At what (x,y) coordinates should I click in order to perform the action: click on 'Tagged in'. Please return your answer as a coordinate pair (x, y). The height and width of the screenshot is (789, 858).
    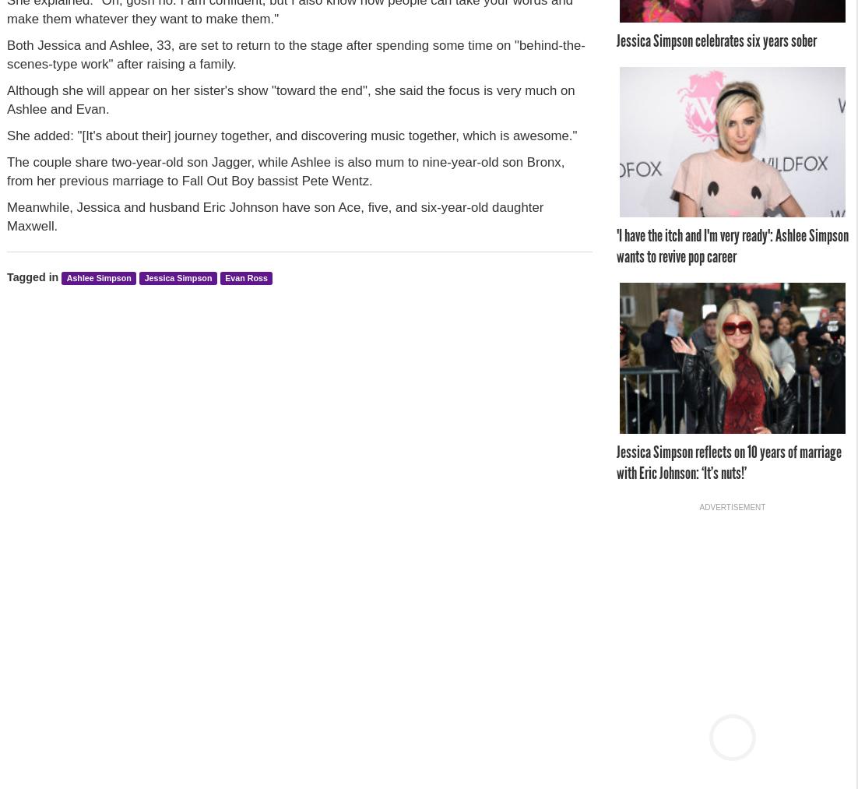
    Looking at the image, I should click on (6, 276).